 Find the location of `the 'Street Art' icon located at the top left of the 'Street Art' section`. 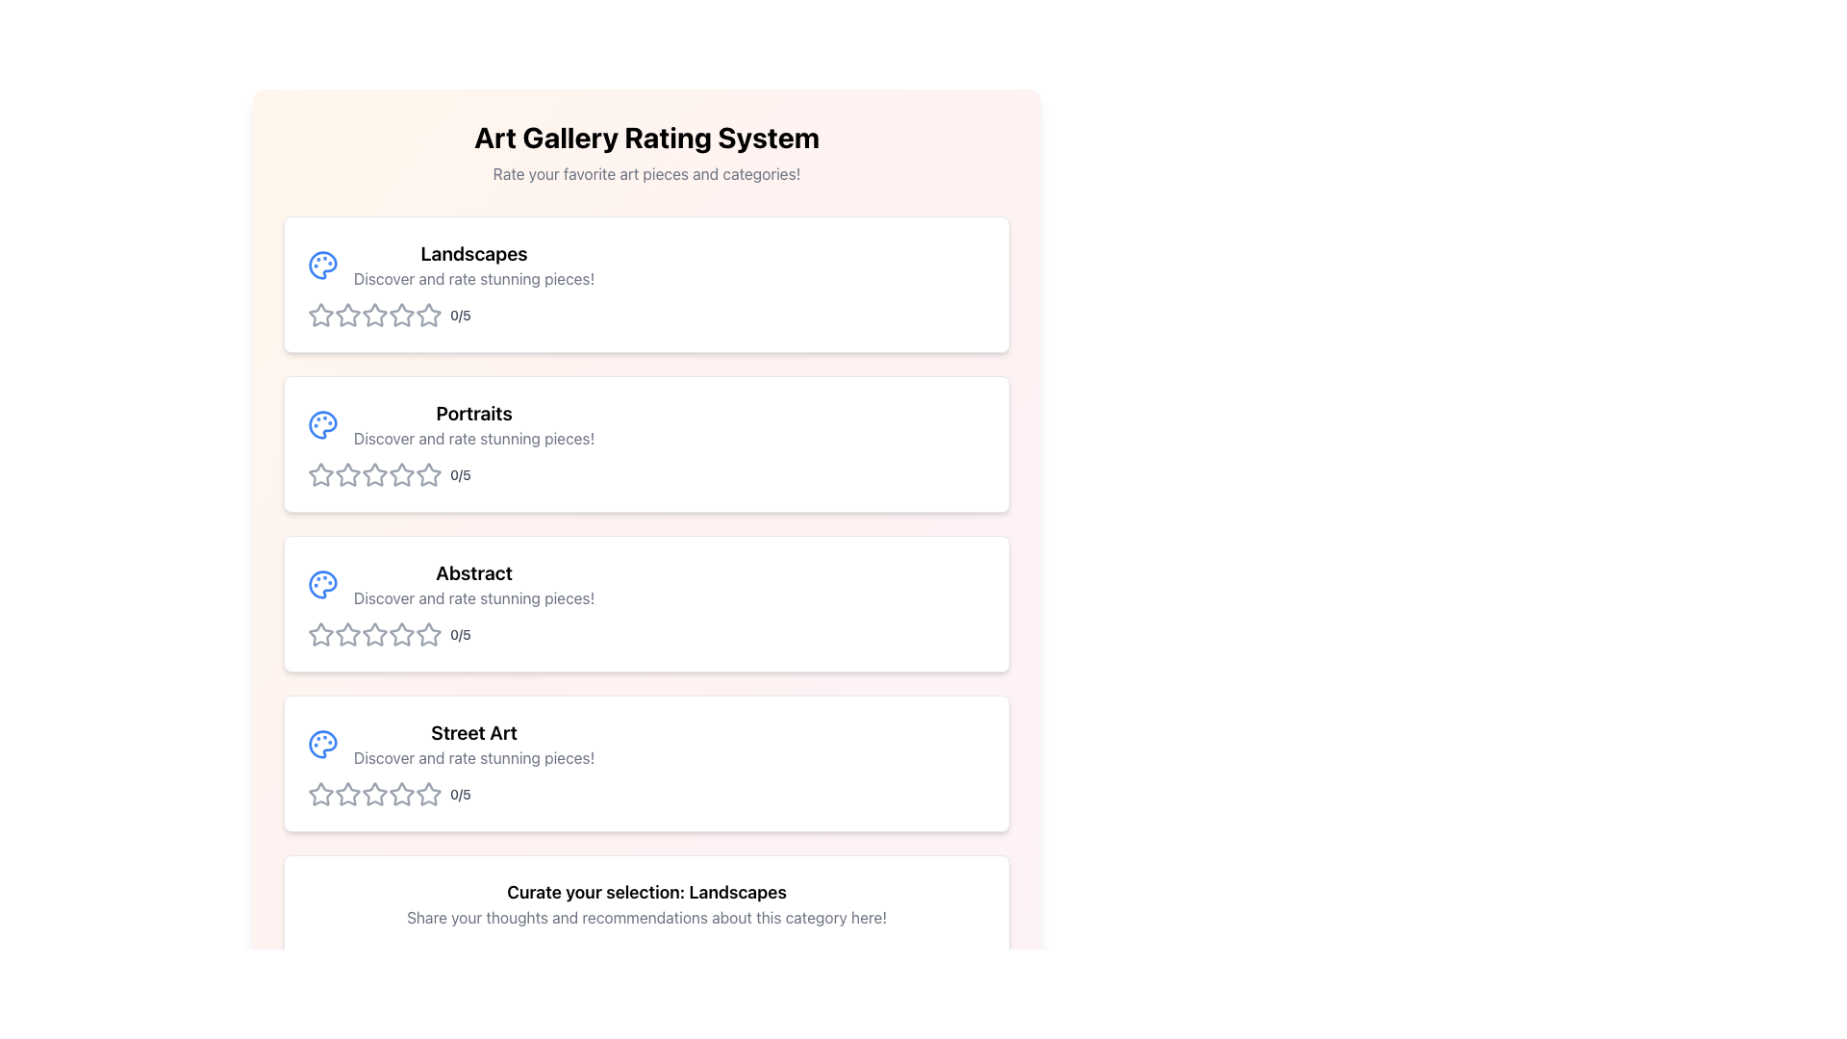

the 'Street Art' icon located at the top left of the 'Street Art' section is located at coordinates (323, 744).